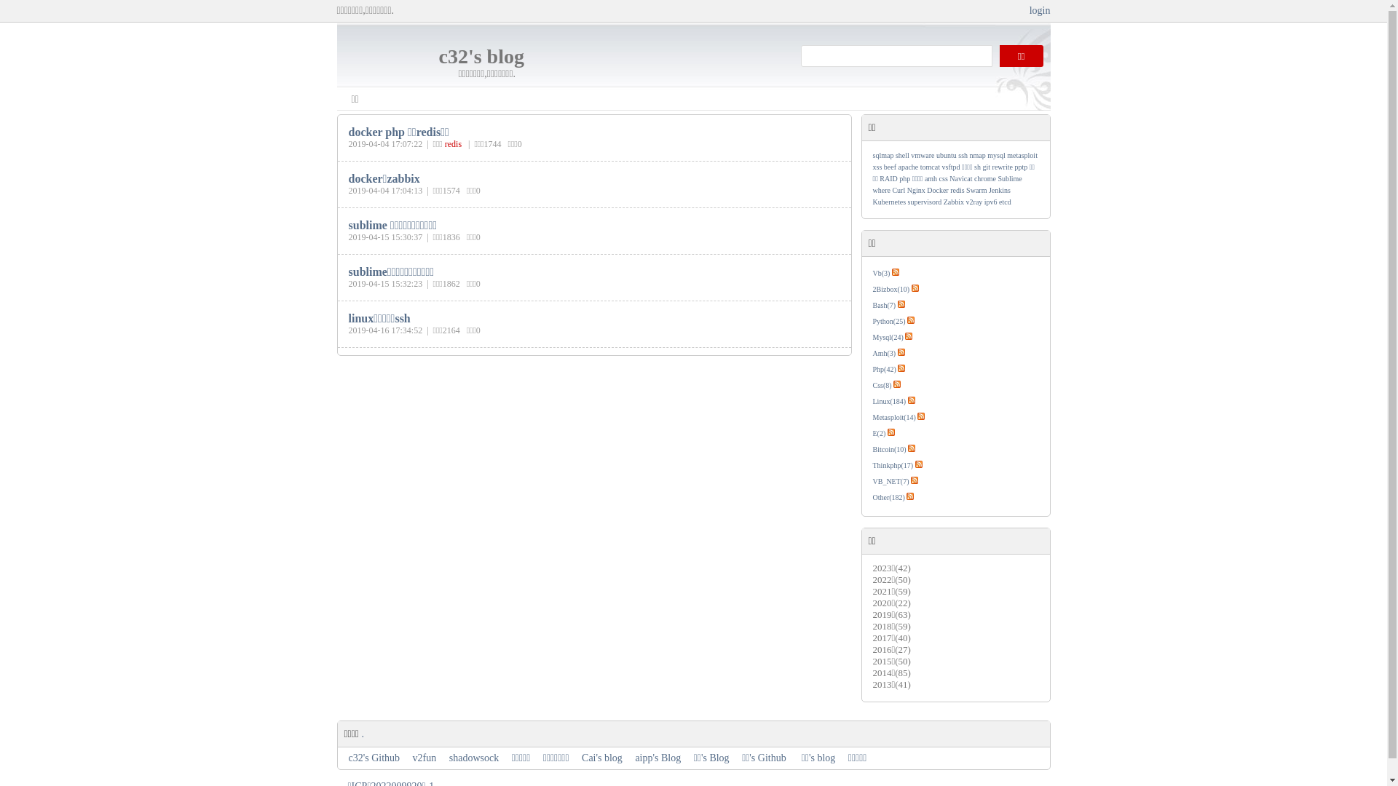  I want to click on 'etcd', so click(1004, 202).